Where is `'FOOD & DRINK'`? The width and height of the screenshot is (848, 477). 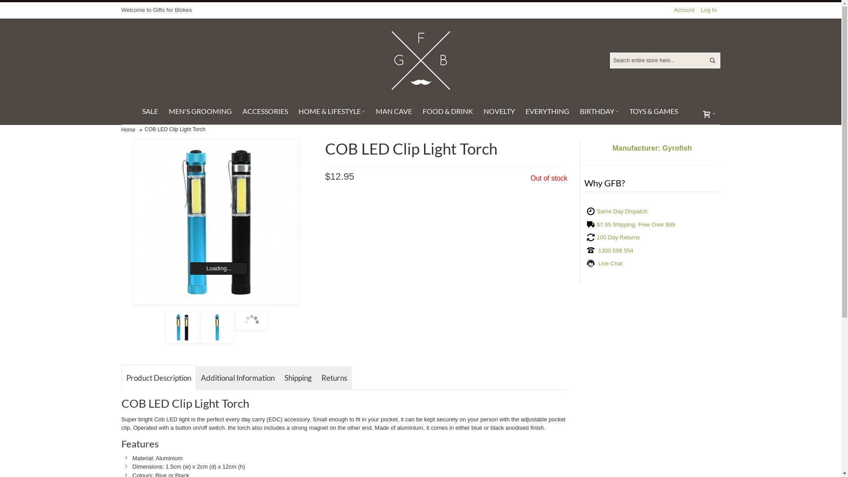 'FOOD & DRINK' is located at coordinates (416, 110).